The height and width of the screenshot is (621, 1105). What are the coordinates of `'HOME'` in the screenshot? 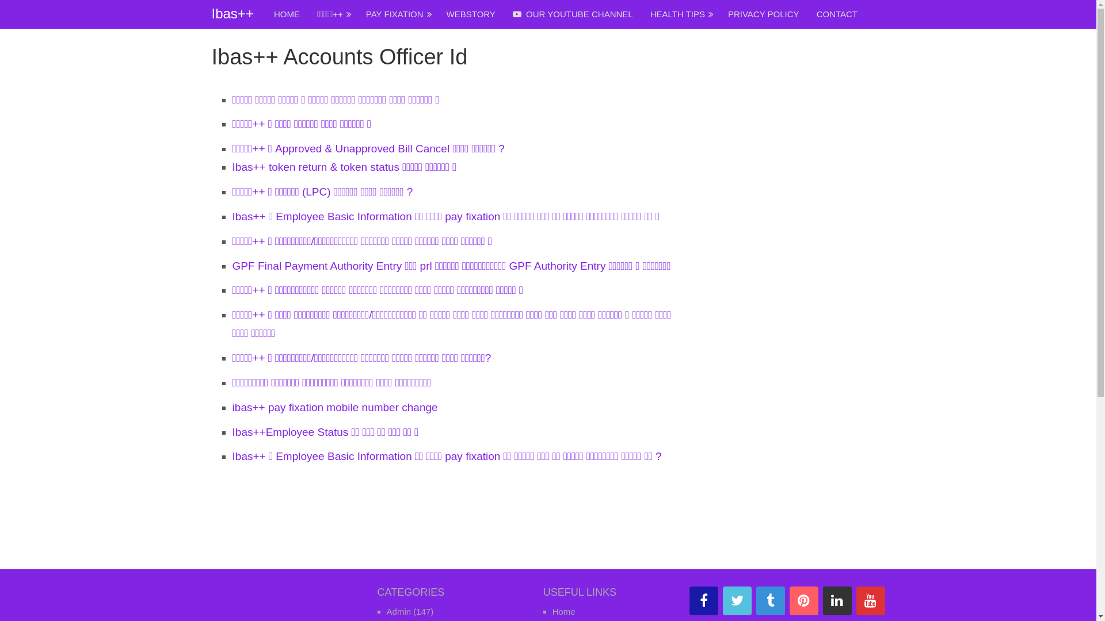 It's located at (264, 14).